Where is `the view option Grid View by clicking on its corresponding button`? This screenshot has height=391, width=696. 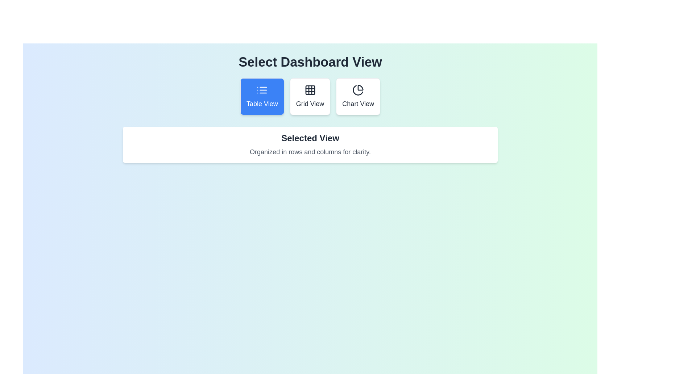
the view option Grid View by clicking on its corresponding button is located at coordinates (310, 96).